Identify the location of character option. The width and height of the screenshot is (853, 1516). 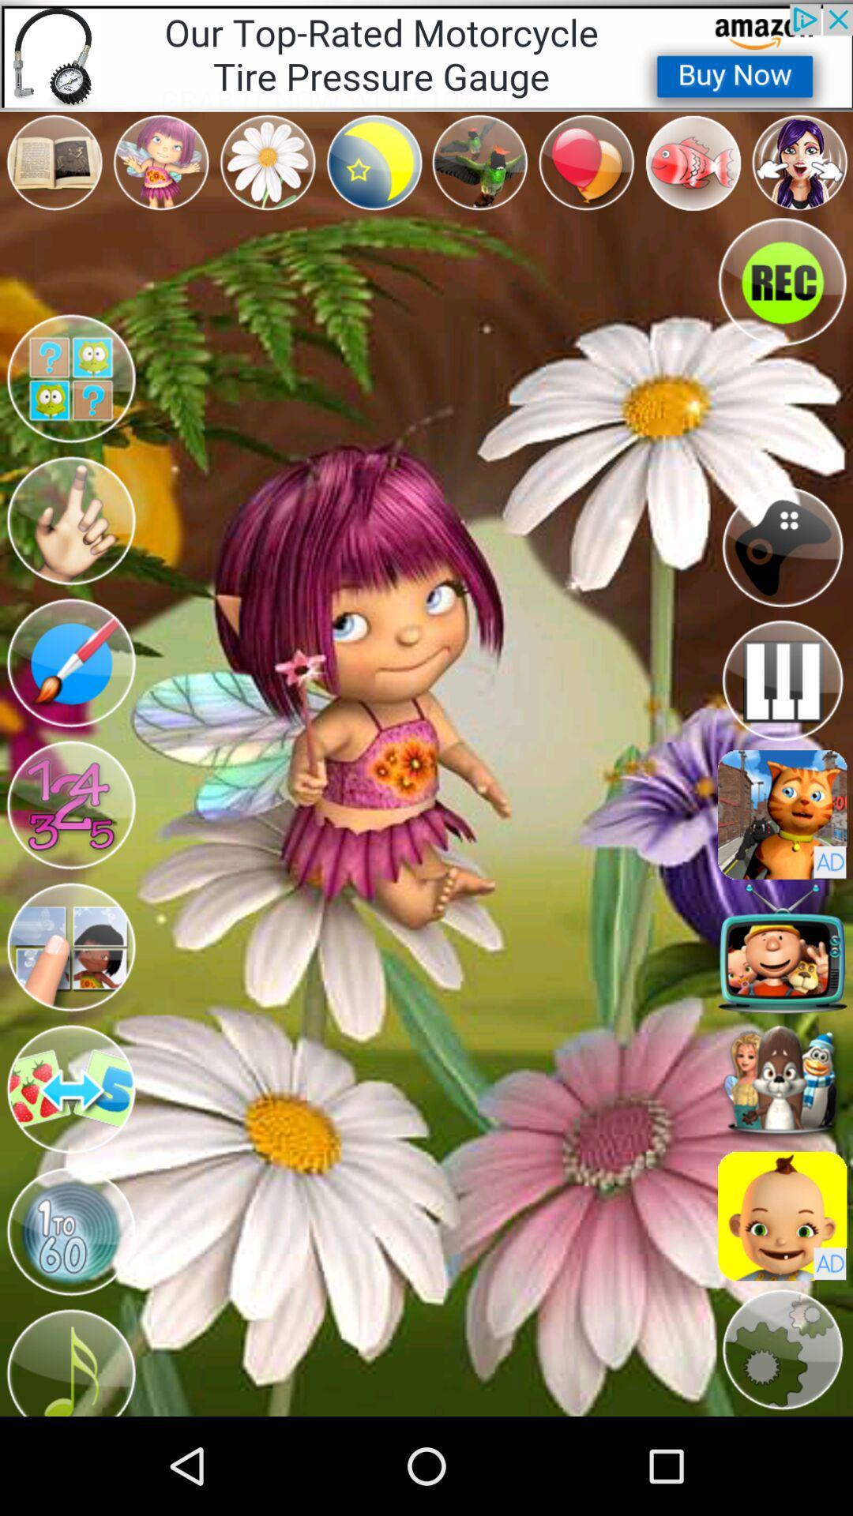
(70, 521).